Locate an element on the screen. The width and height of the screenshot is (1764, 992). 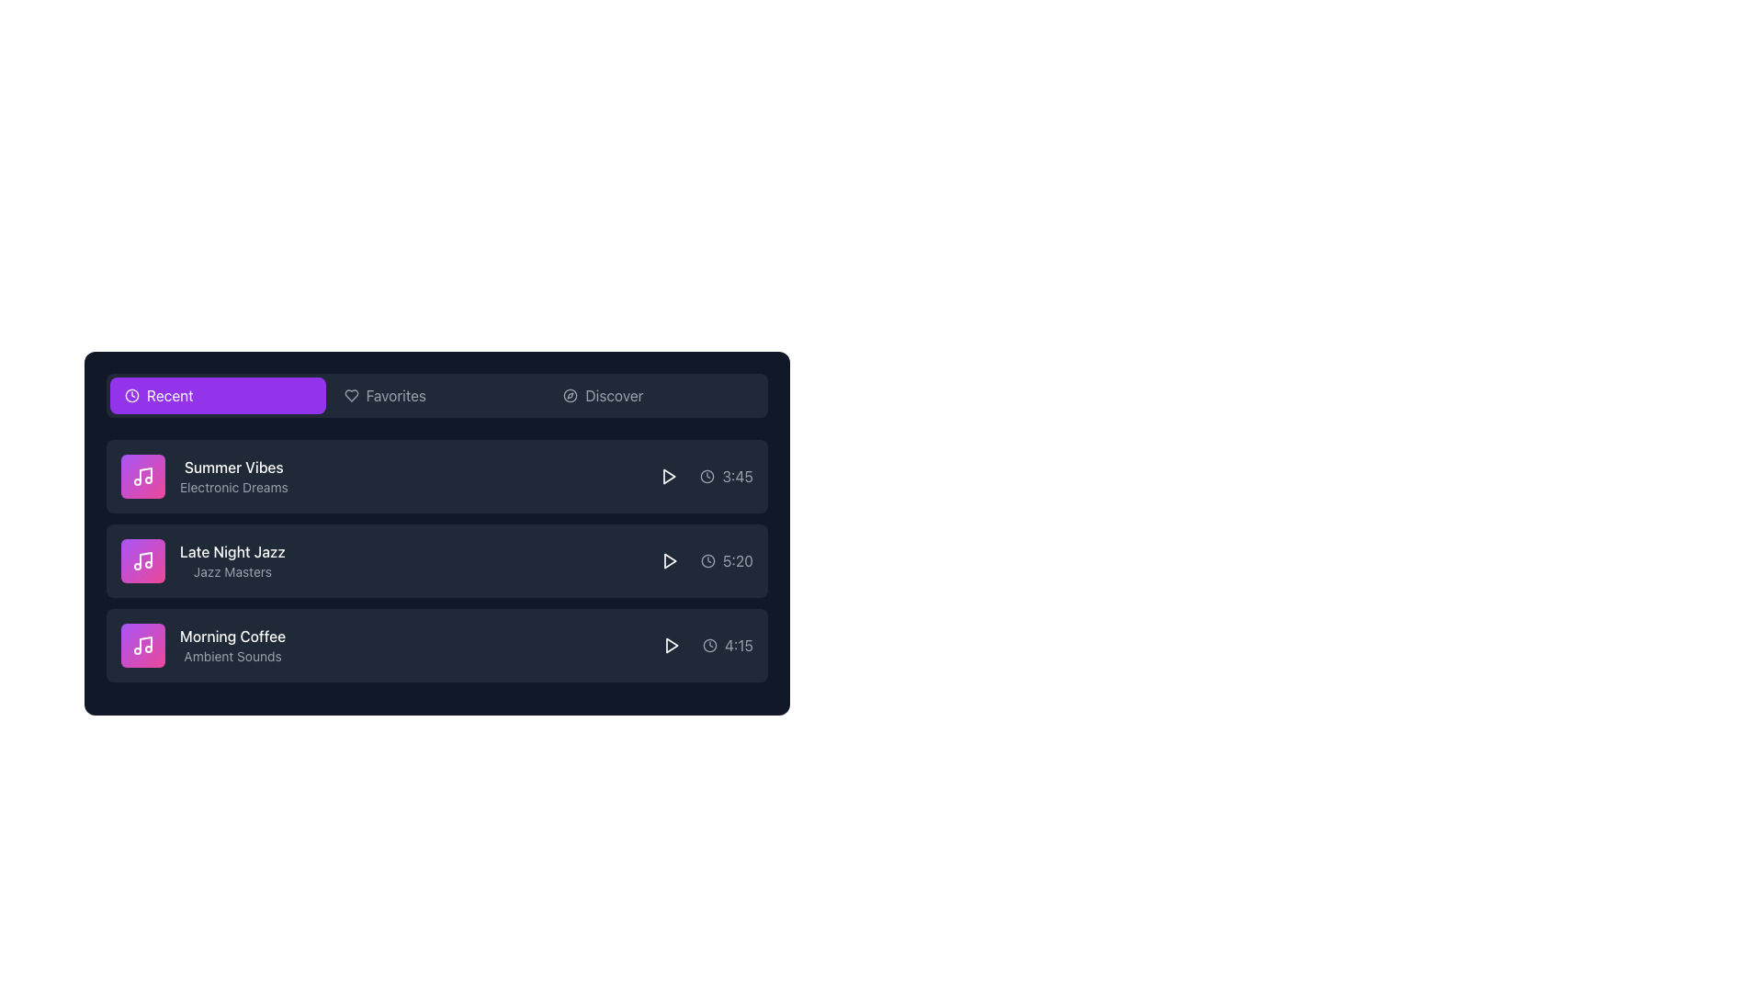
text content of the label displaying 'Electronic Dreams', which is a gray subtitle located beneath 'Summer Vibes' is located at coordinates (232, 487).